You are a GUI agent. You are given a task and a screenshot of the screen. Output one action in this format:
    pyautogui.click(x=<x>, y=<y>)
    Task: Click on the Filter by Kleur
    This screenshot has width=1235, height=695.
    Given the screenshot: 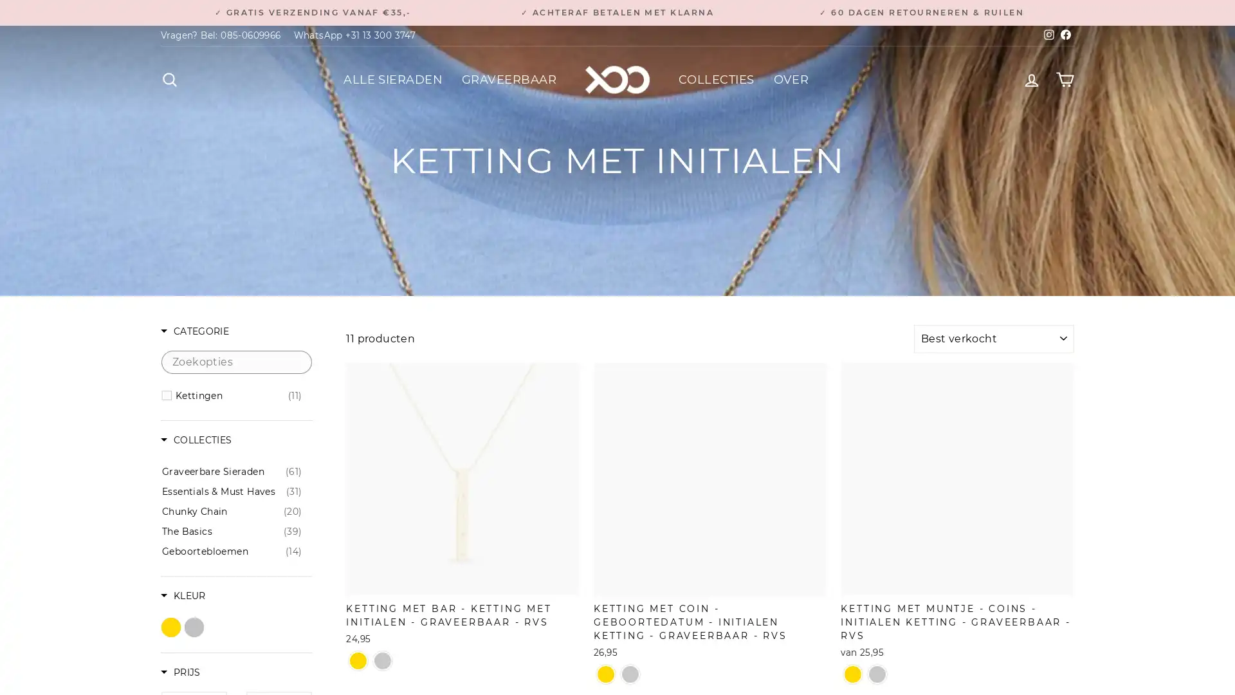 What is the action you would take?
    pyautogui.click(x=182, y=597)
    